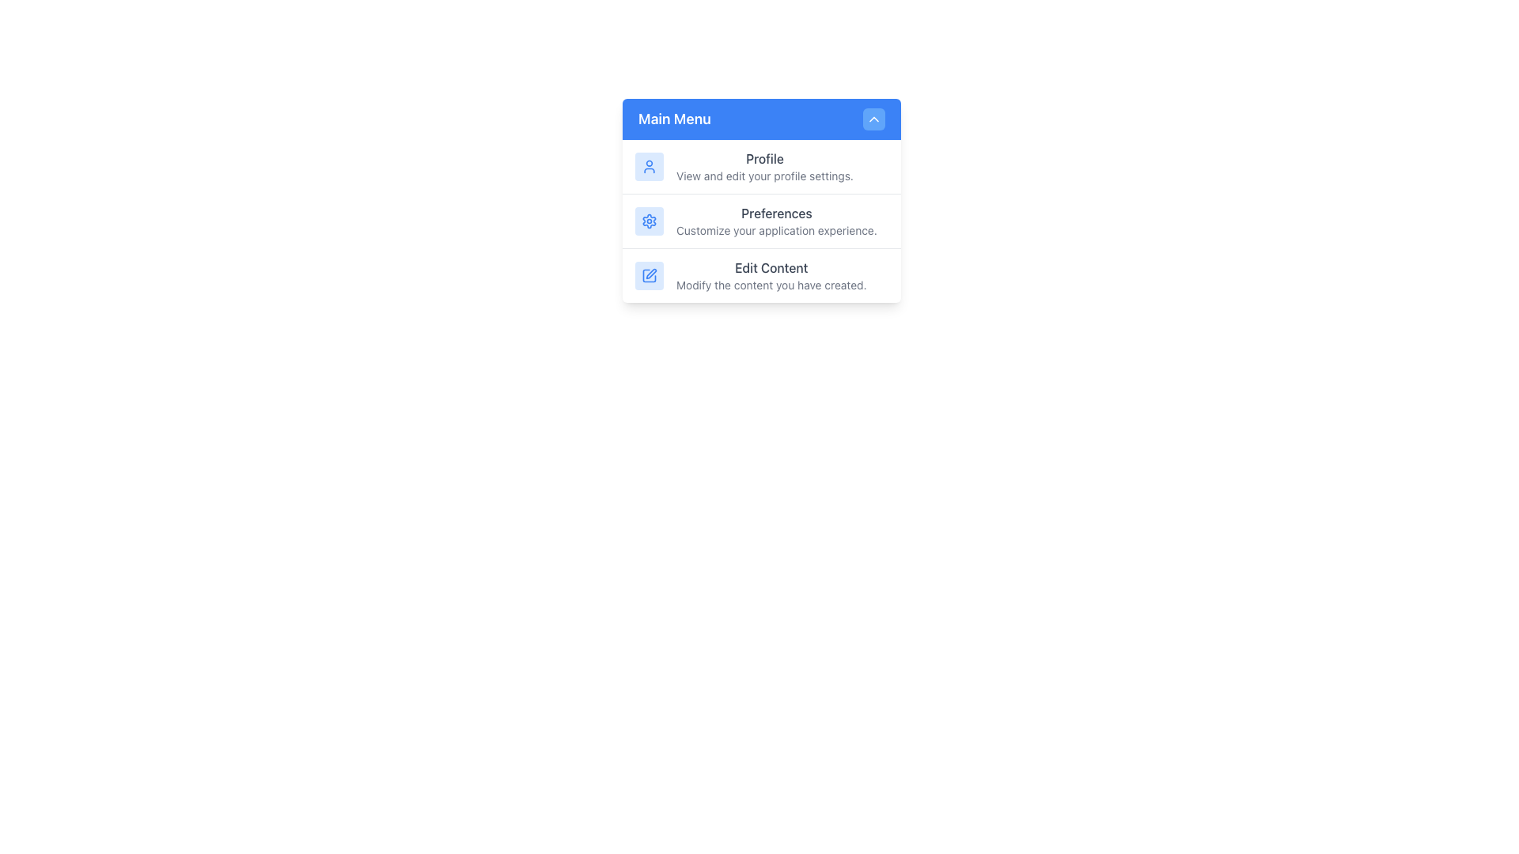 The height and width of the screenshot is (854, 1519). I want to click on the 'Preferences' text block, which is the second menu item in the vertical menu group under the 'Profile' menu item, so click(776, 221).